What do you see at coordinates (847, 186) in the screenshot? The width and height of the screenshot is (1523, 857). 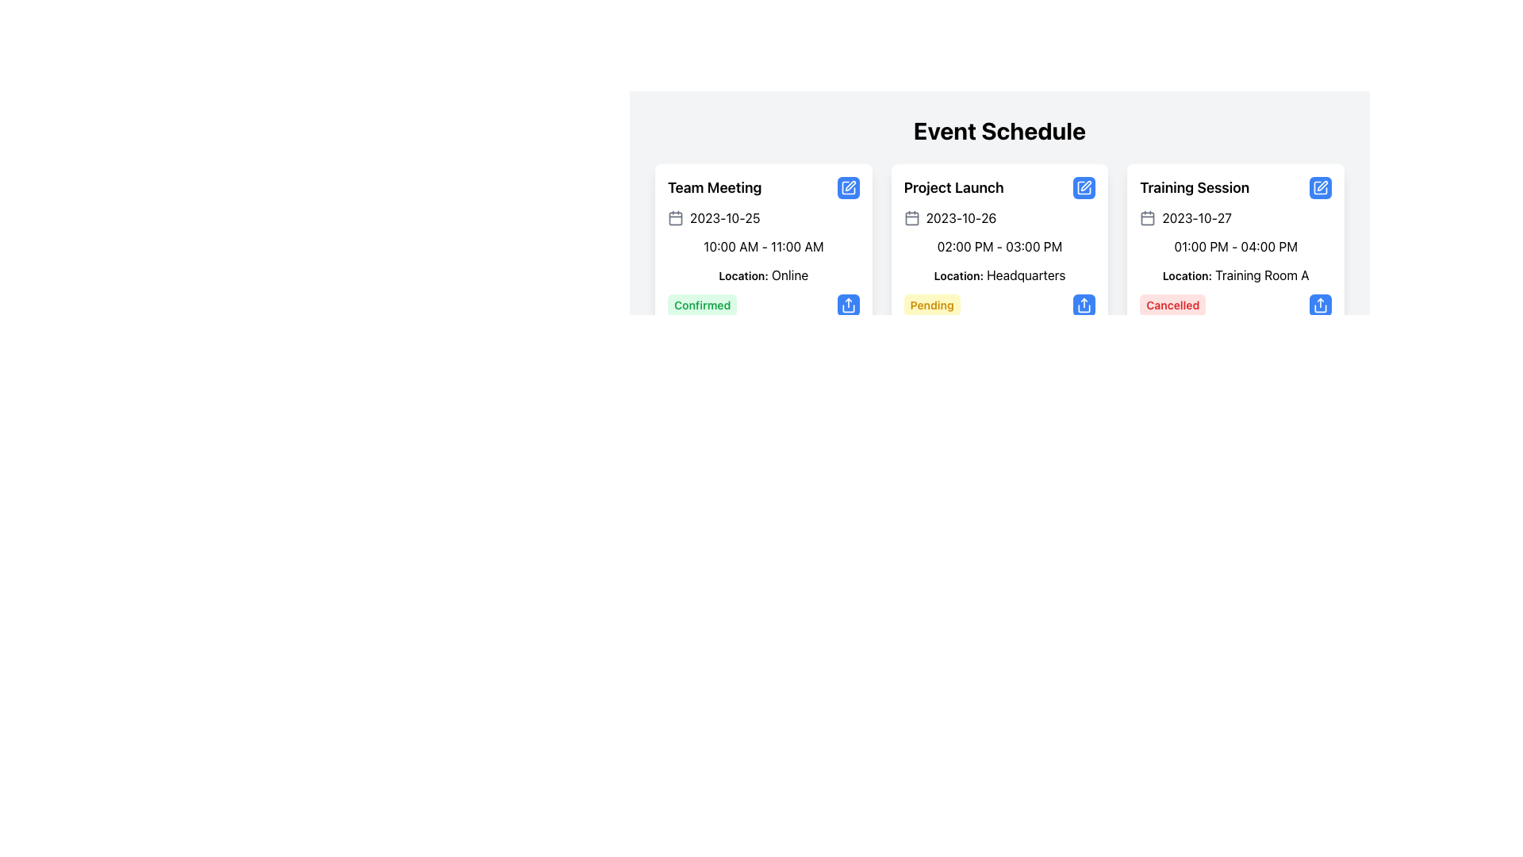 I see `the edit button located at the top-right of the 'Team Meeting' section icon` at bounding box center [847, 186].